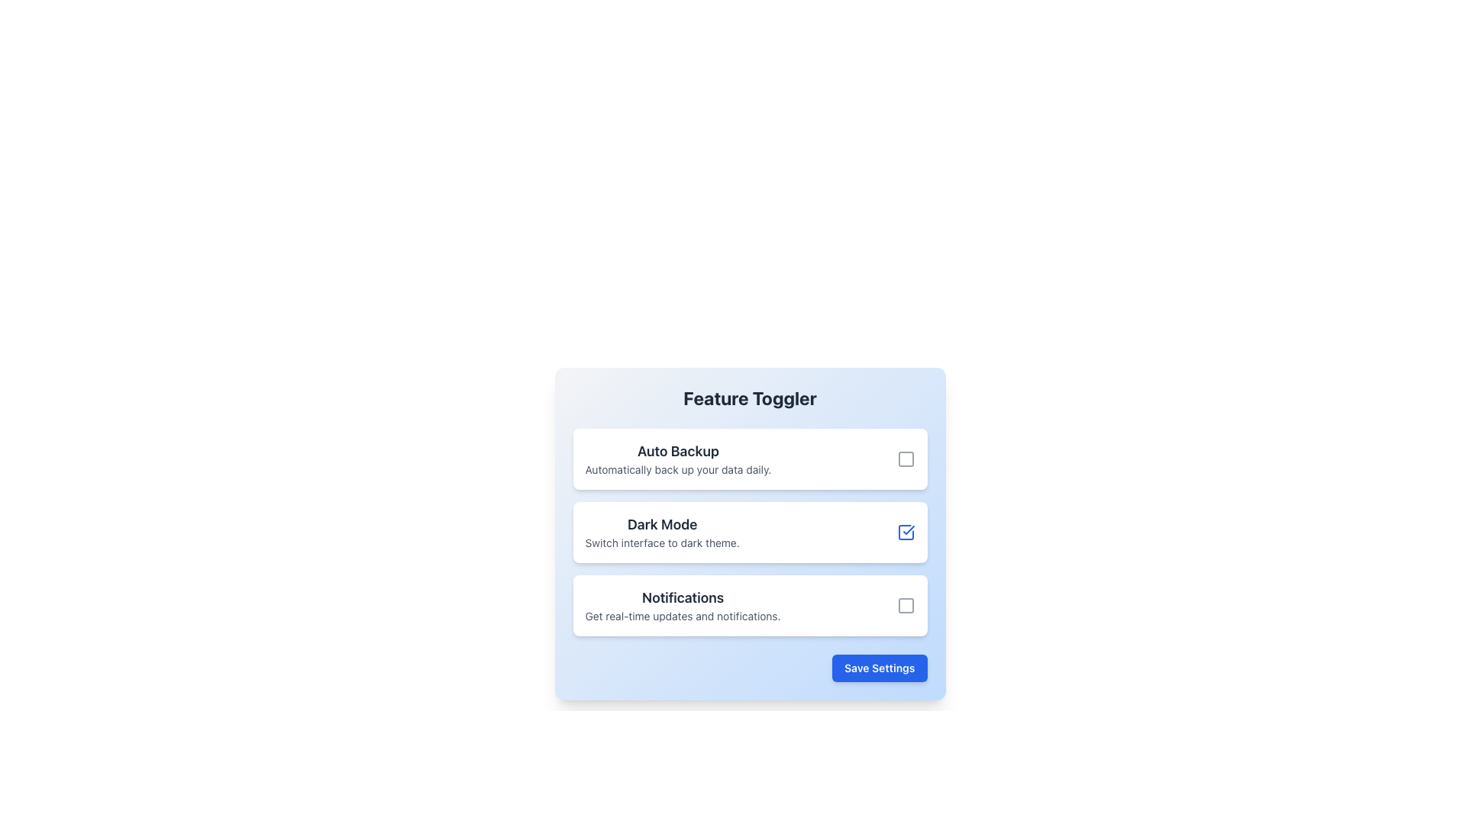 The height and width of the screenshot is (824, 1466). What do you see at coordinates (750, 532) in the screenshot?
I see `the group of toggle options with checkboxes` at bounding box center [750, 532].